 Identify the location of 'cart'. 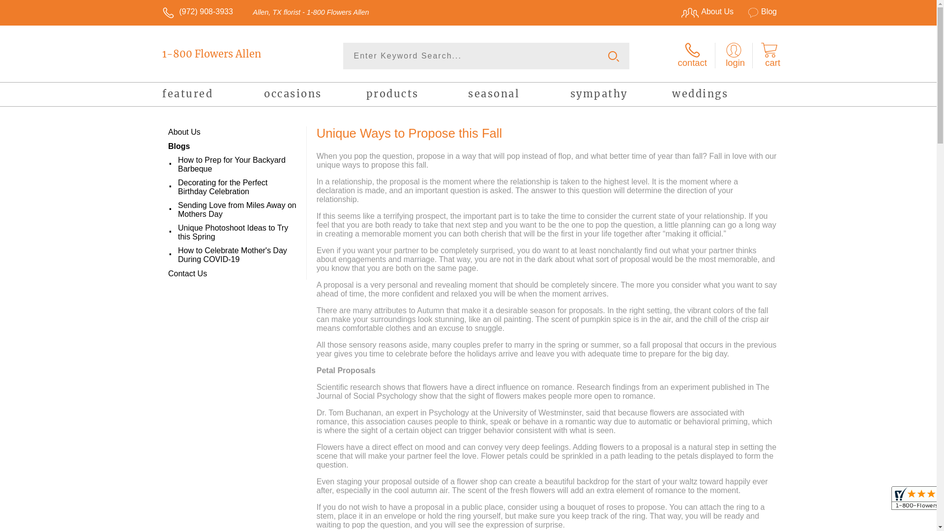
(768, 55).